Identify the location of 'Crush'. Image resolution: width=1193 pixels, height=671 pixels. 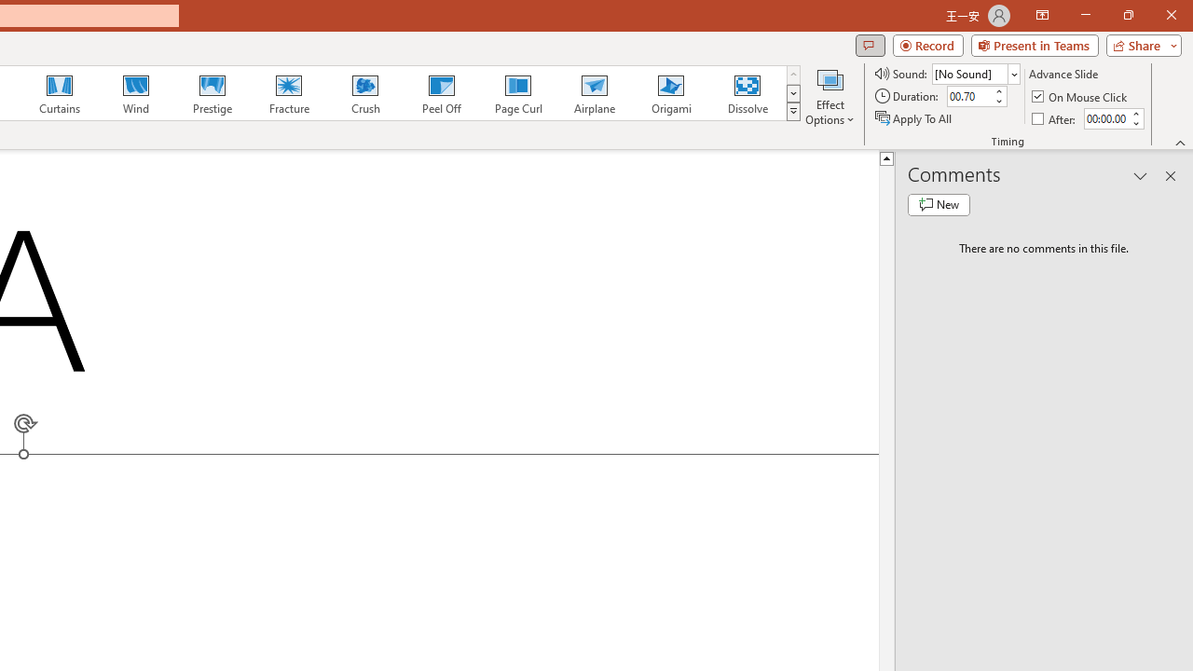
(364, 93).